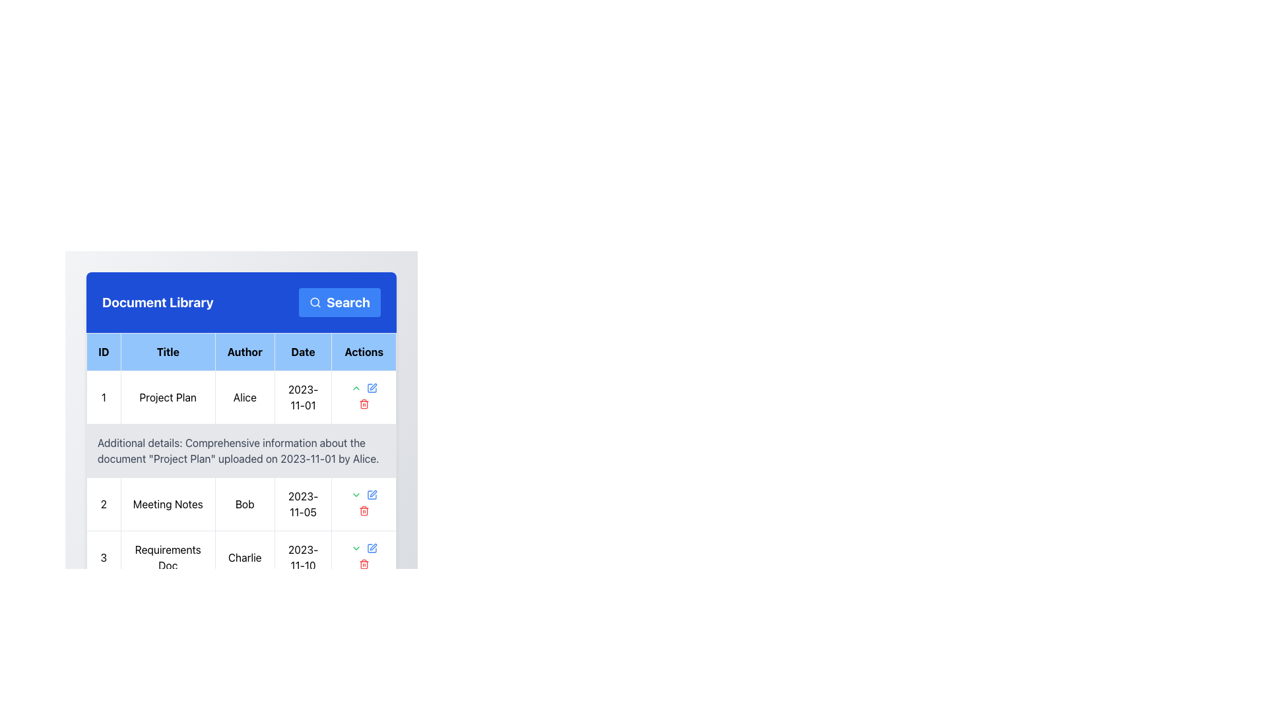  I want to click on the Table Header Row that contains the headers 'ID', 'Title', 'Author', 'Date', and 'Actions' which is located at the top of the table, so click(241, 351).